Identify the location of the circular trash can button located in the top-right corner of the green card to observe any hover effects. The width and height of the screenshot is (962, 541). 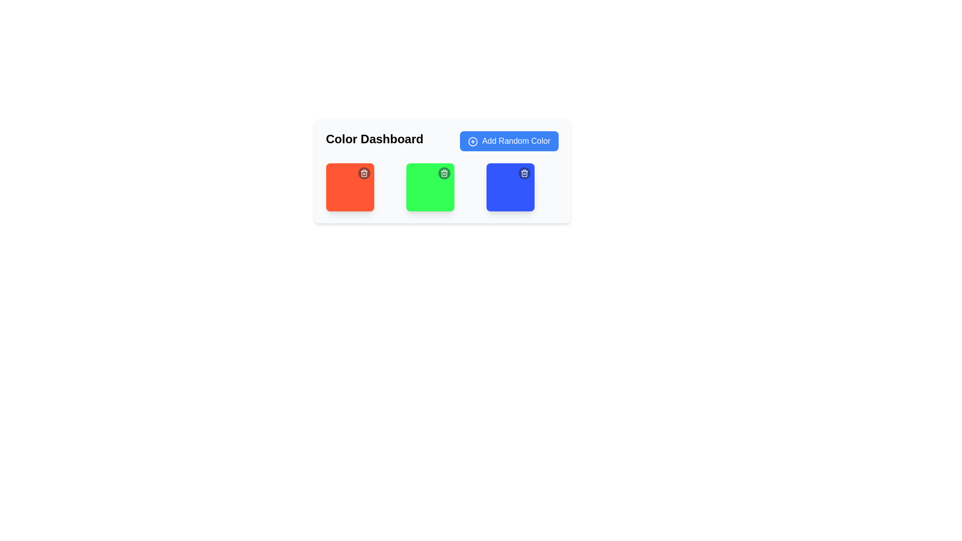
(443, 173).